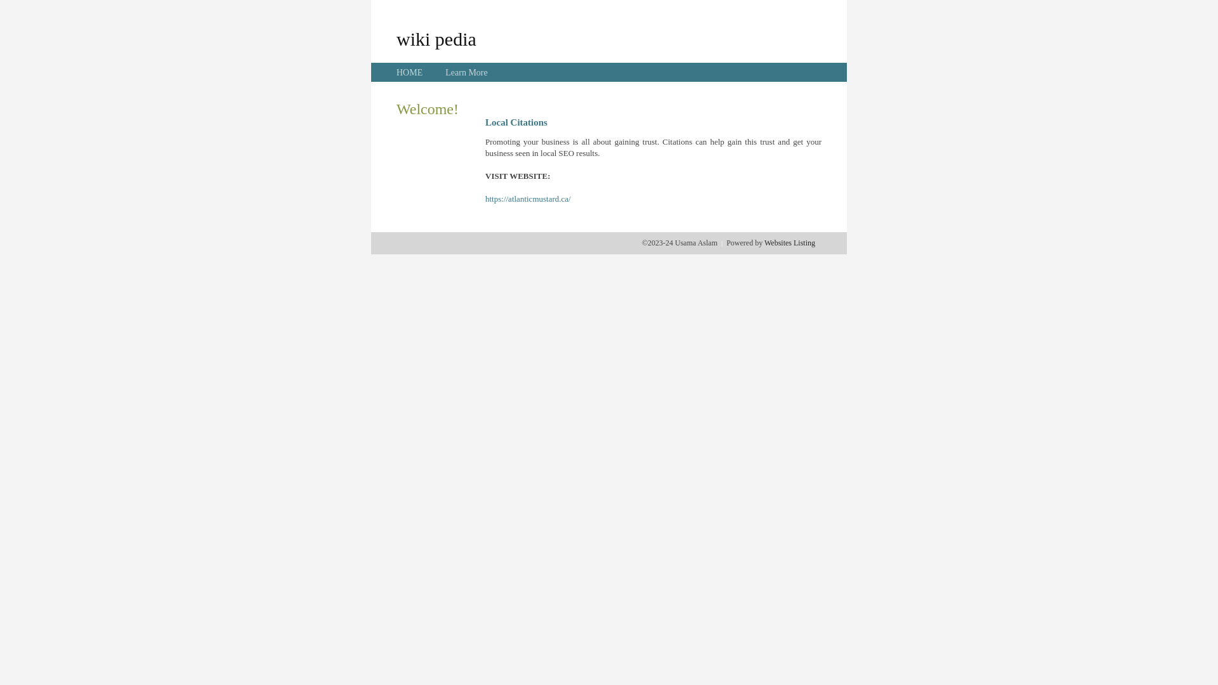  I want to click on 'wiki pedia', so click(436, 38).